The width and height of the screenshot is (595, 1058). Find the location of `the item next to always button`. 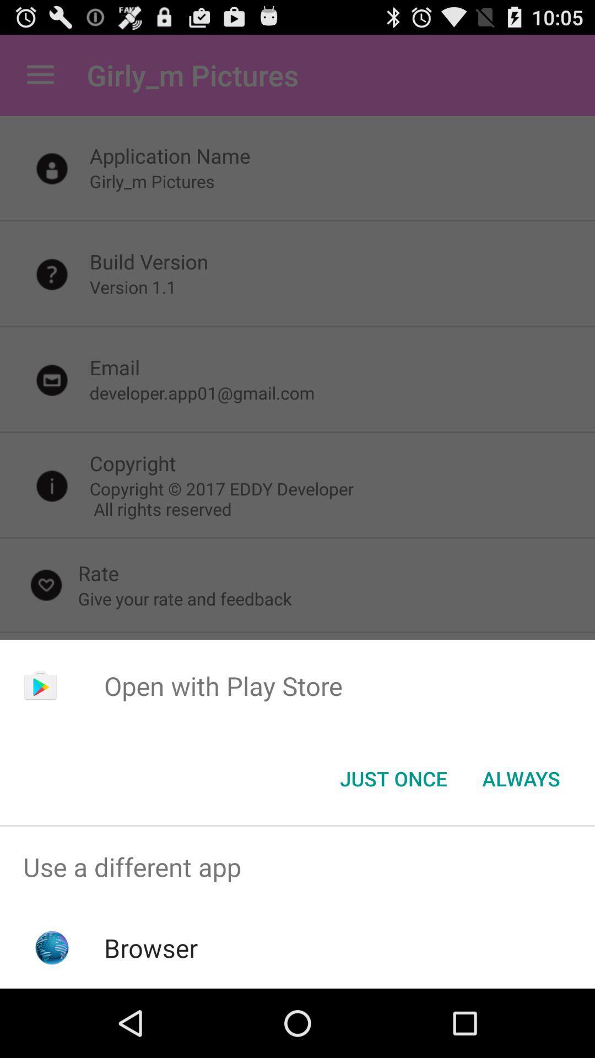

the item next to always button is located at coordinates (393, 778).